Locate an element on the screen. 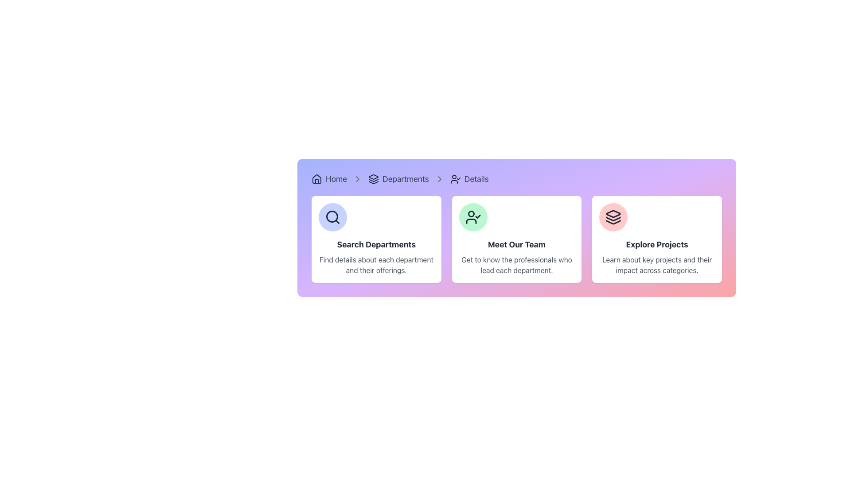  the Breadcrumb Navigation Link for 'Departments' is located at coordinates (398, 179).